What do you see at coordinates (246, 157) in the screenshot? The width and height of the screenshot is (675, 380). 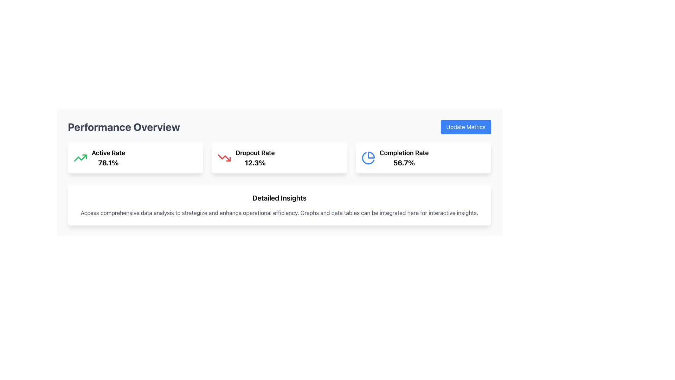 I see `the Informational text group displaying the 'Dropout Rate' performance metric` at bounding box center [246, 157].